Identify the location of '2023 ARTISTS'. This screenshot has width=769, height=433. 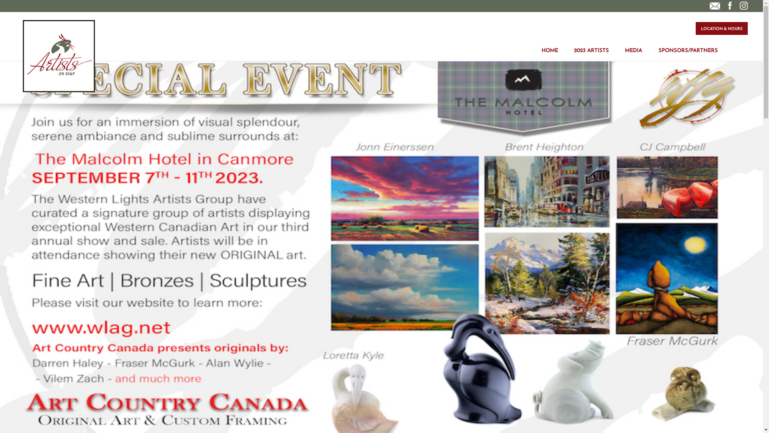
(591, 45).